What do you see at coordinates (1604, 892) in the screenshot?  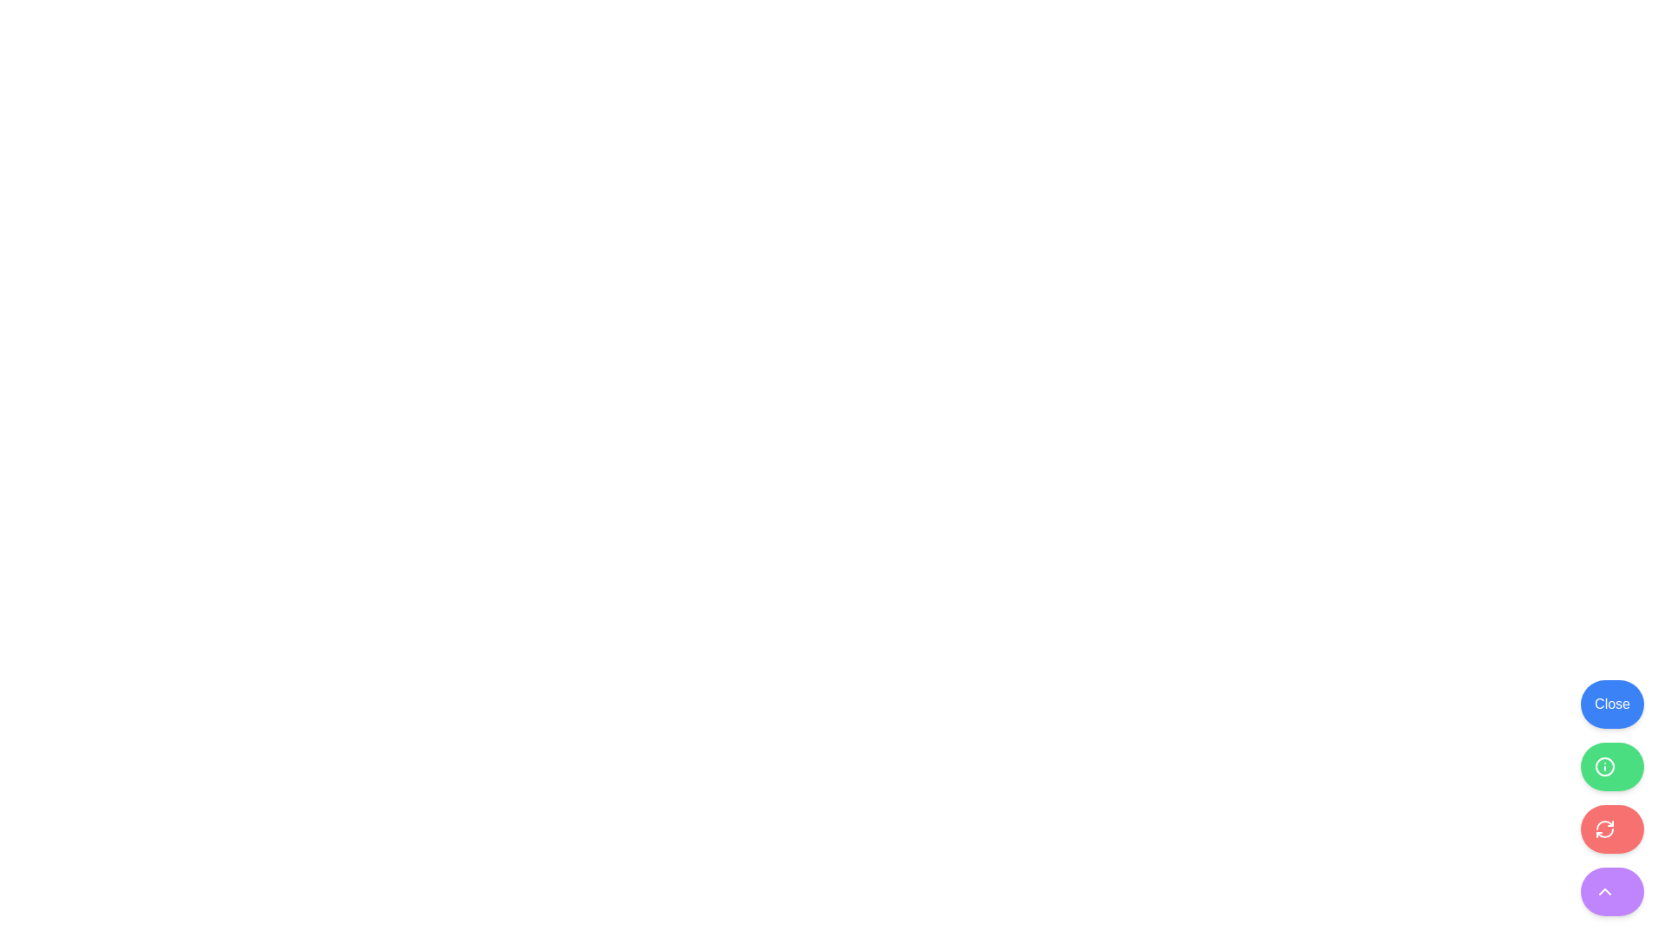 I see `the upward chevron icon located at the center of a purple circular button with a white outline` at bounding box center [1604, 892].